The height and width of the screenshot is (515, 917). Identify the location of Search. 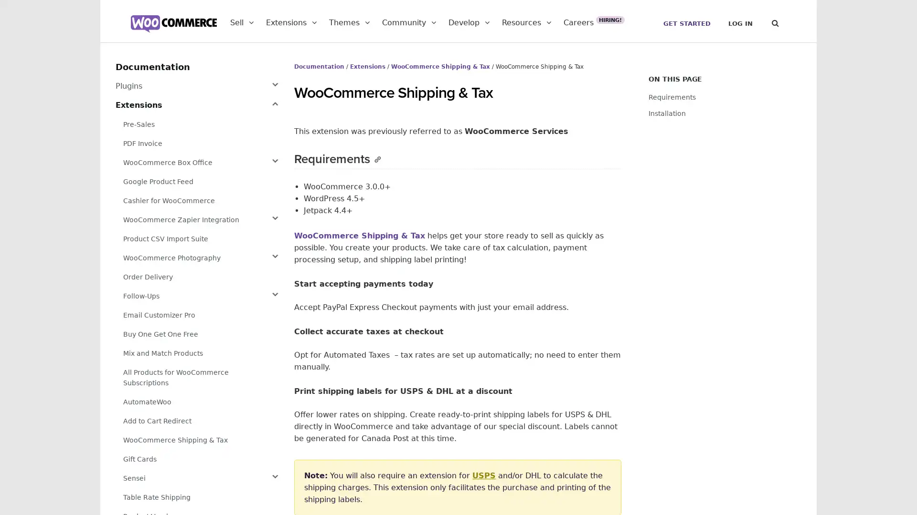
(775, 23).